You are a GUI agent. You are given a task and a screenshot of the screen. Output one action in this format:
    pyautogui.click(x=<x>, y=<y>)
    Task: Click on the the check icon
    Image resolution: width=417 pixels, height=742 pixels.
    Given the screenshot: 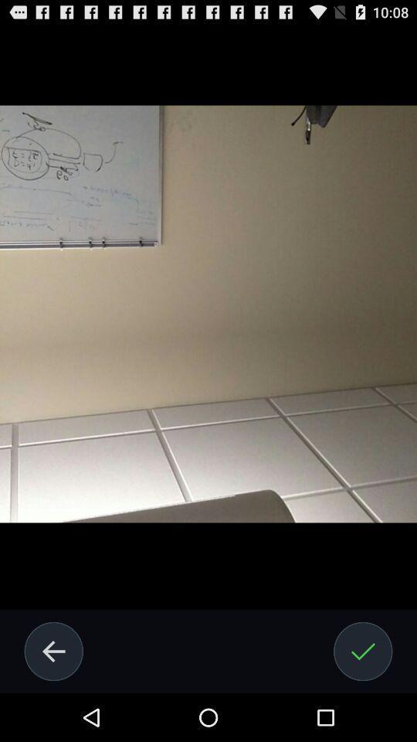 What is the action you would take?
    pyautogui.click(x=363, y=697)
    